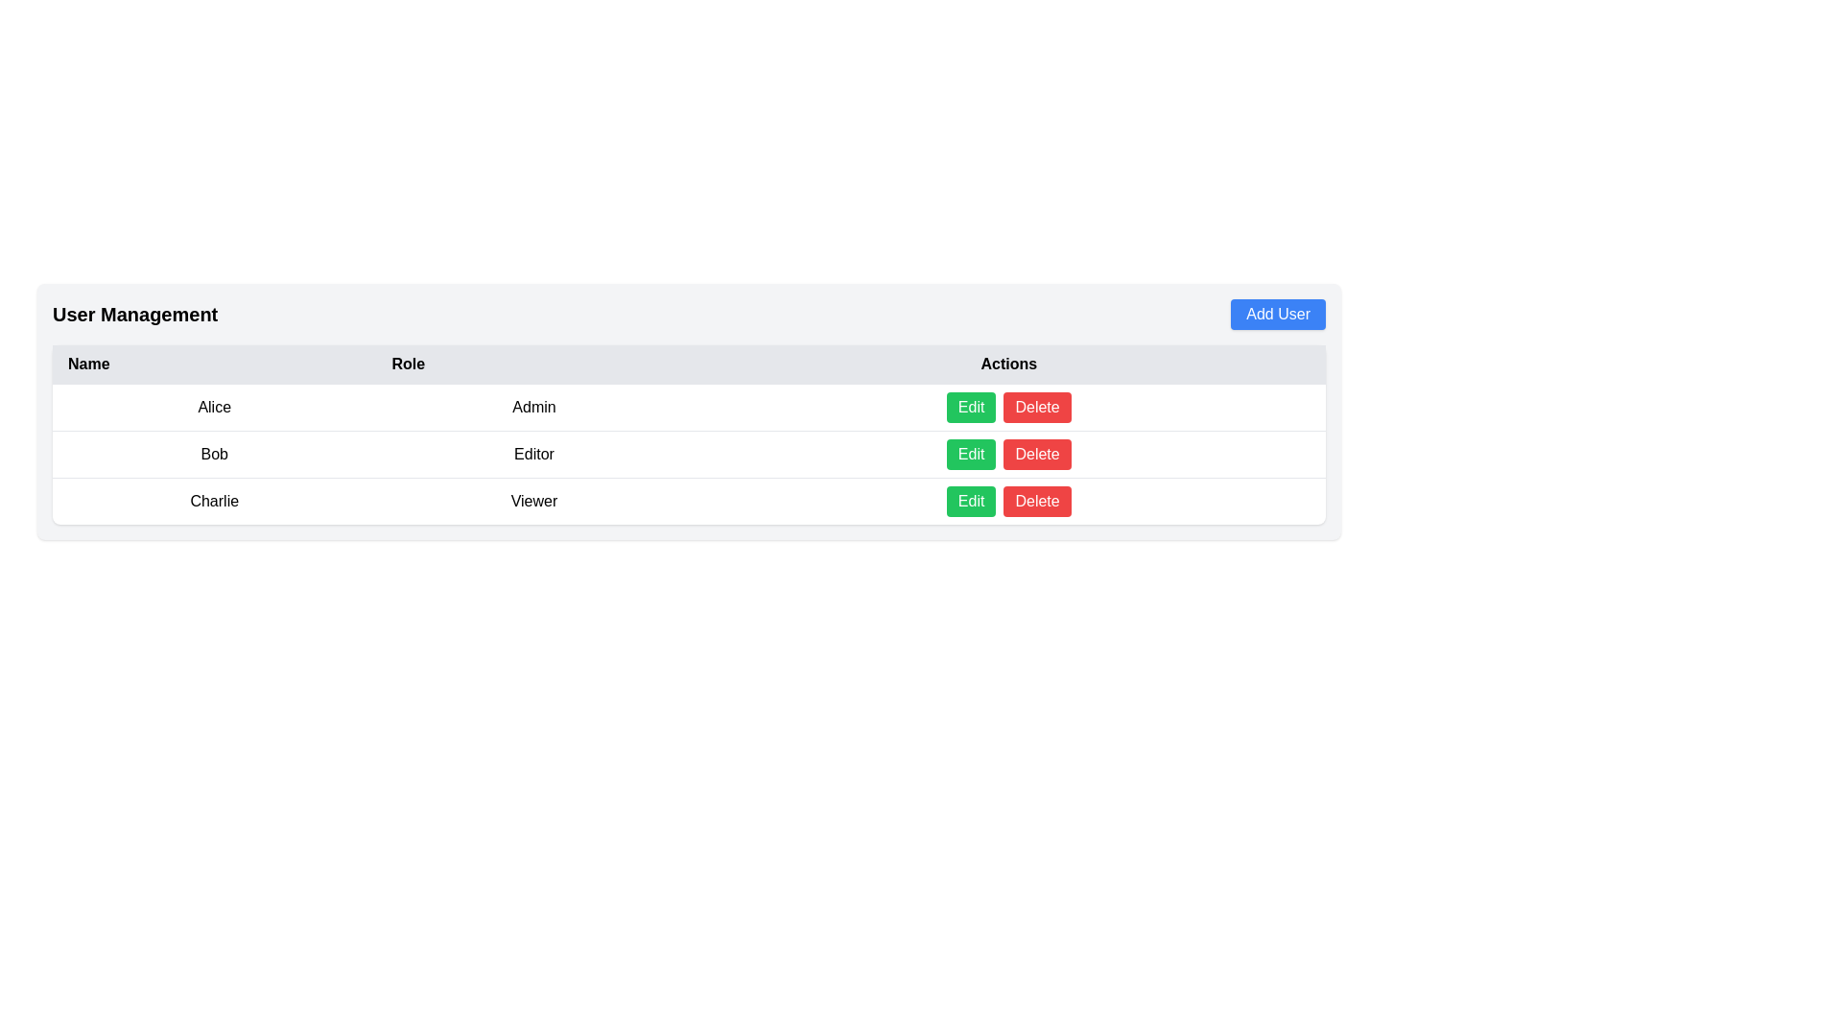 The image size is (1842, 1036). Describe the element at coordinates (533, 500) in the screenshot. I see `the static text element that identifies the role assigned to the user 'Charlie' within the middle column of the table row` at that location.